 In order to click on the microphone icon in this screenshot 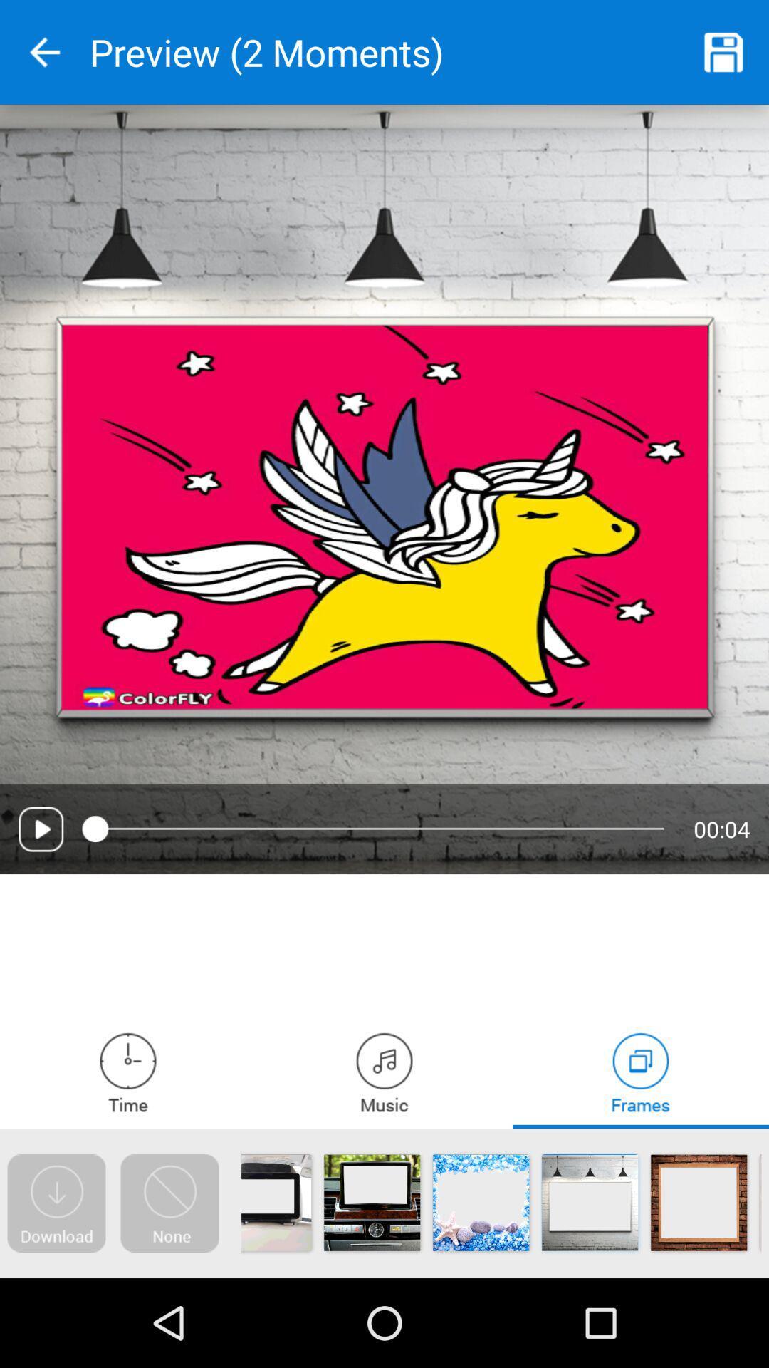, I will do `click(384, 1072)`.